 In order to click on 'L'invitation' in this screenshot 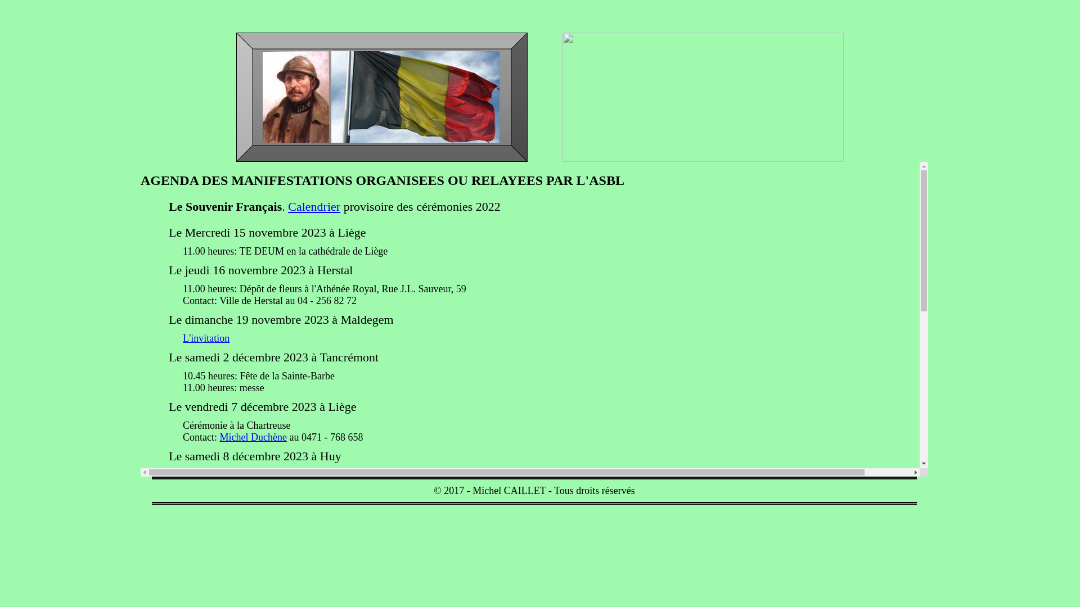, I will do `click(183, 474)`.